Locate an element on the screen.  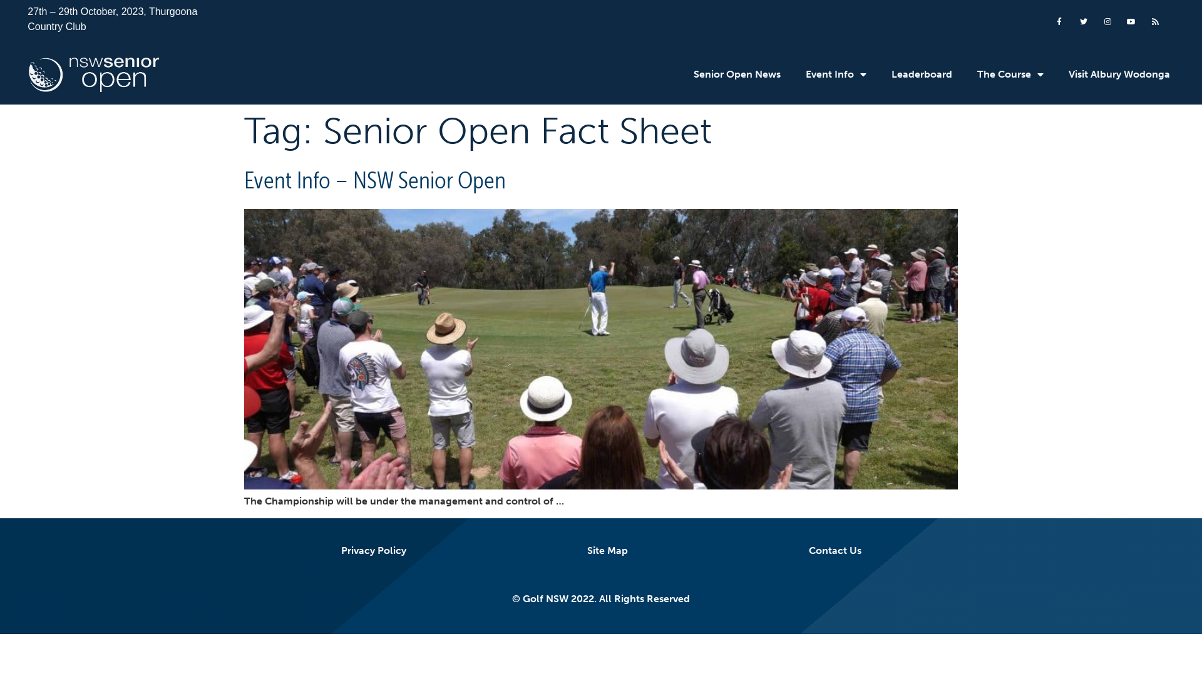
'Event Info' is located at coordinates (793, 74).